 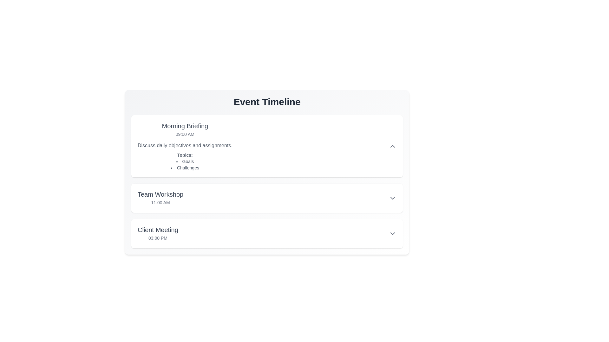 What do you see at coordinates (160, 198) in the screenshot?
I see `the informational text display that contains 'Team Workshop' and '11:00 AM'` at bounding box center [160, 198].